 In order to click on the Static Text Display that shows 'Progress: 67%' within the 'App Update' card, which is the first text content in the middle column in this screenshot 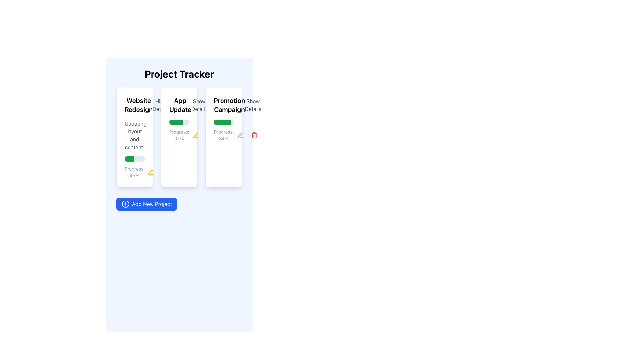, I will do `click(179, 135)`.